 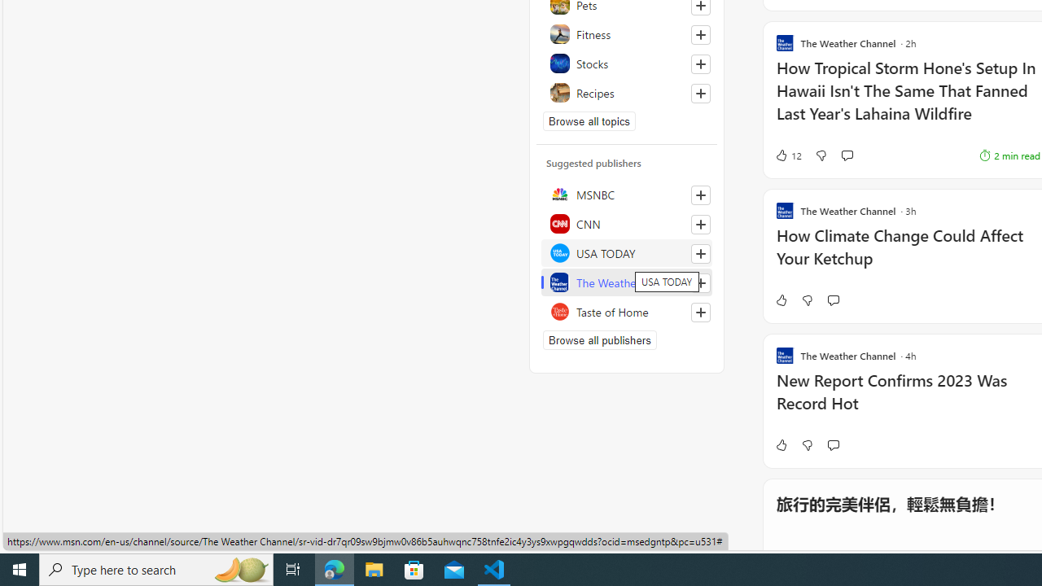 I want to click on 'Fitness', so click(x=626, y=34).